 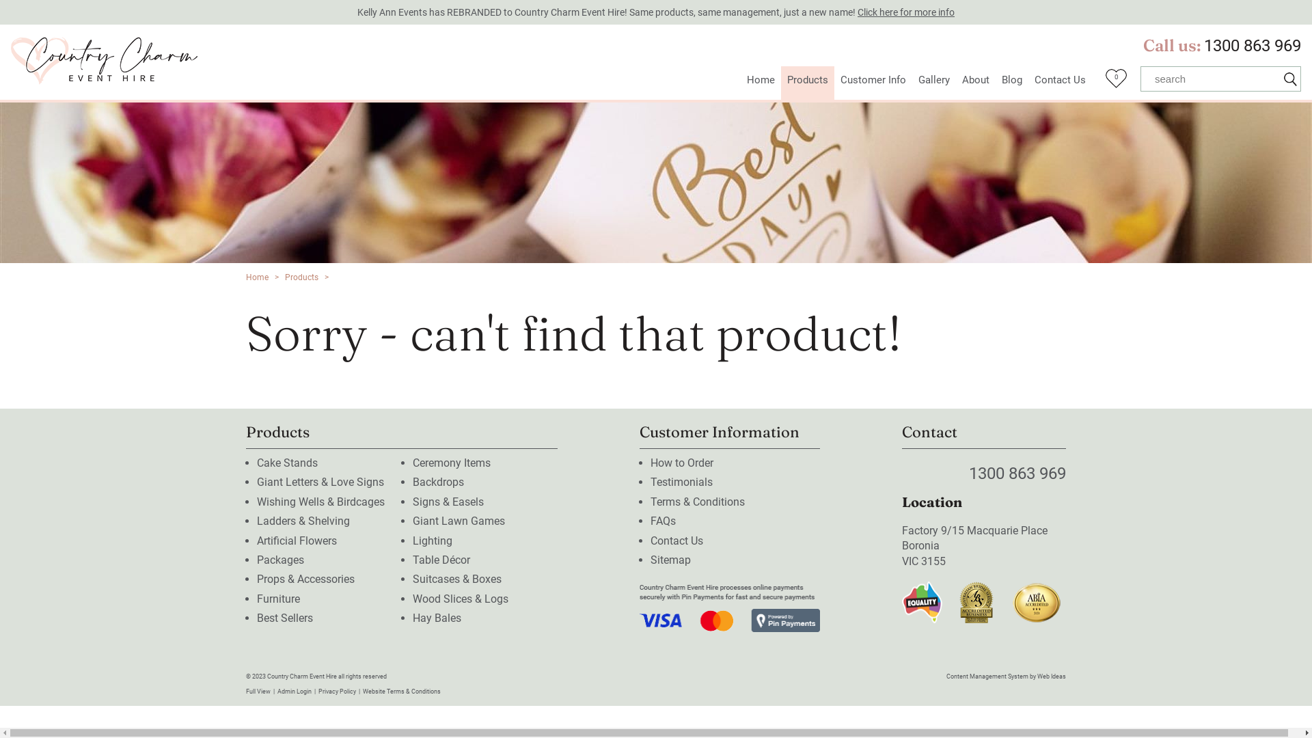 I want to click on 'Website Terms & Conditions', so click(x=401, y=691).